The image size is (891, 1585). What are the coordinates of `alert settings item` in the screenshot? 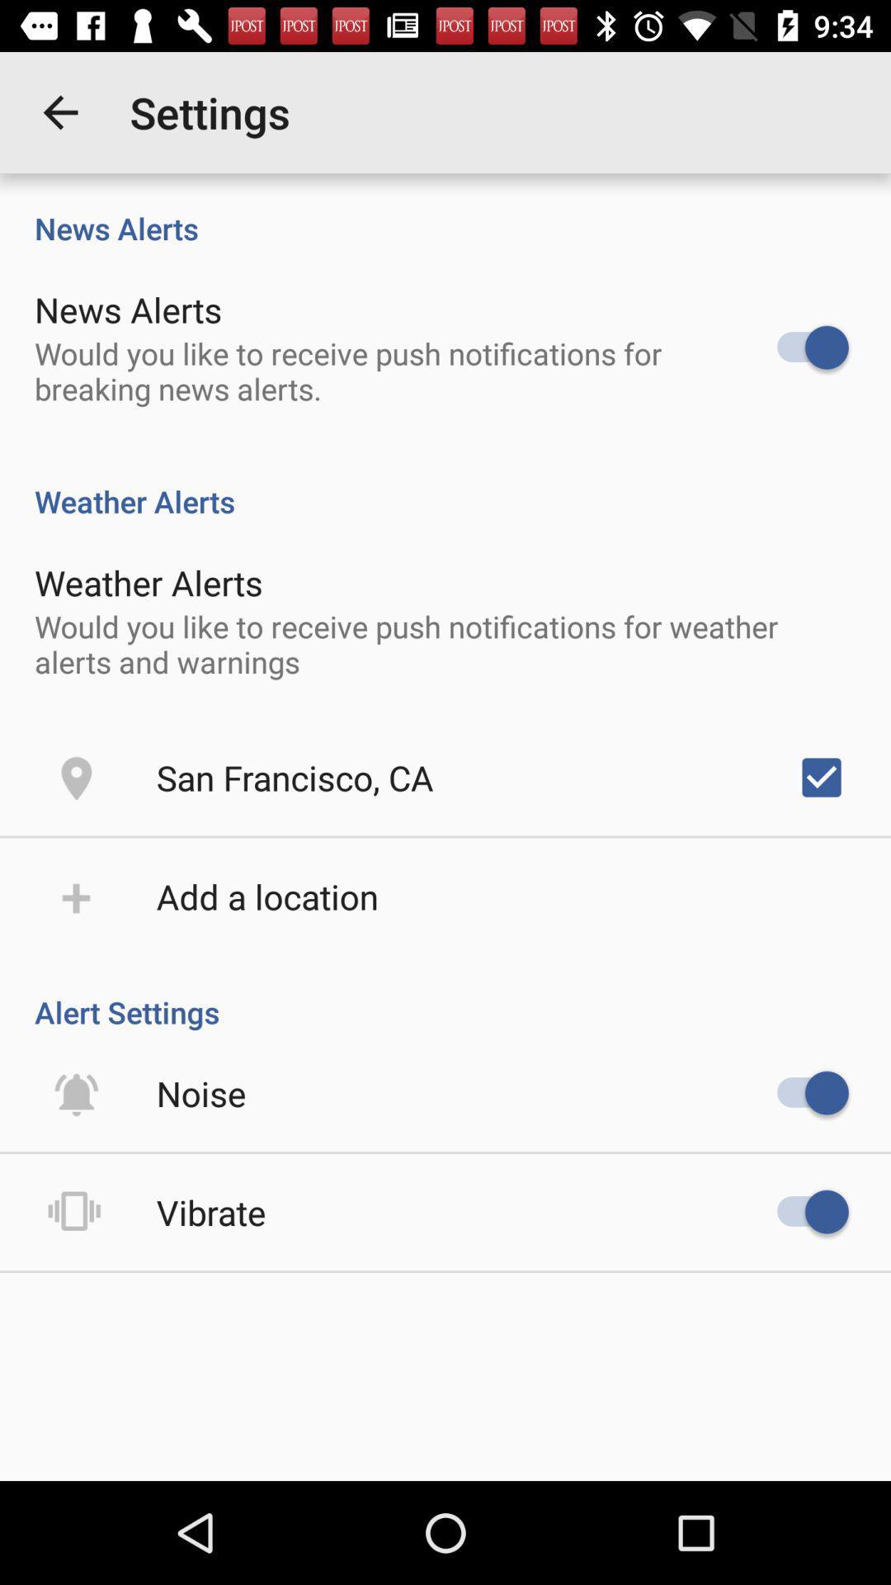 It's located at (445, 994).